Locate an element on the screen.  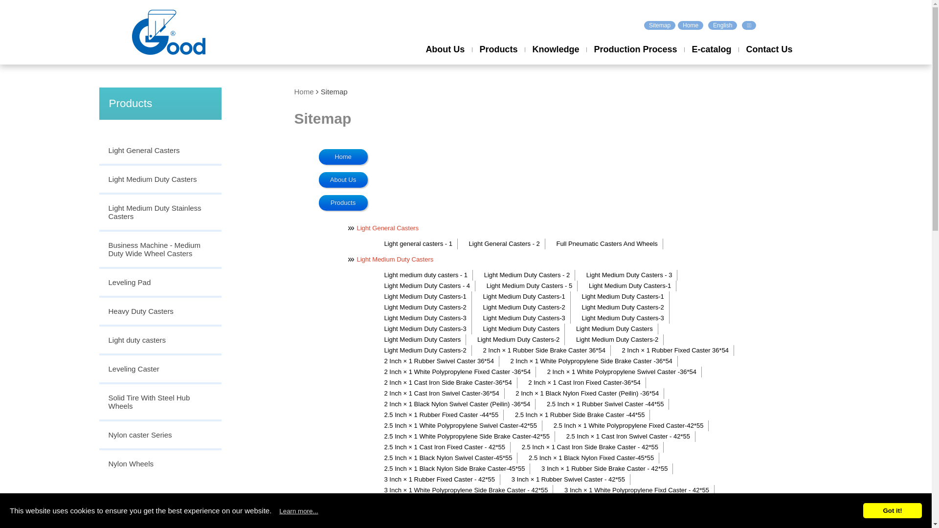
'Light Medium Duty Stainless Casters' is located at coordinates (159, 212).